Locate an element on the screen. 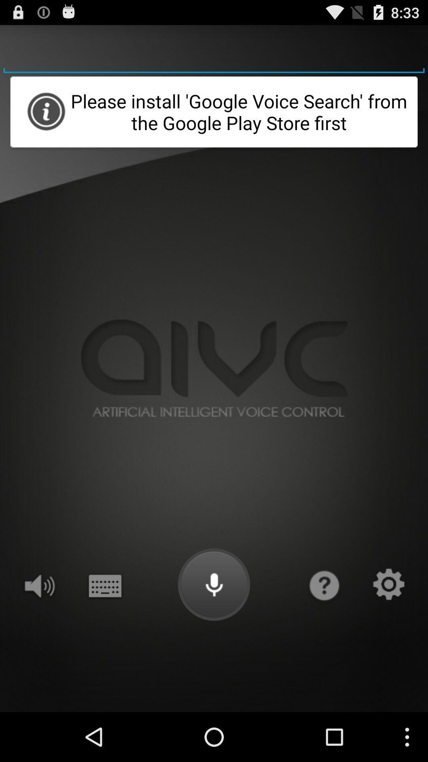  the help icon is located at coordinates (323, 625).